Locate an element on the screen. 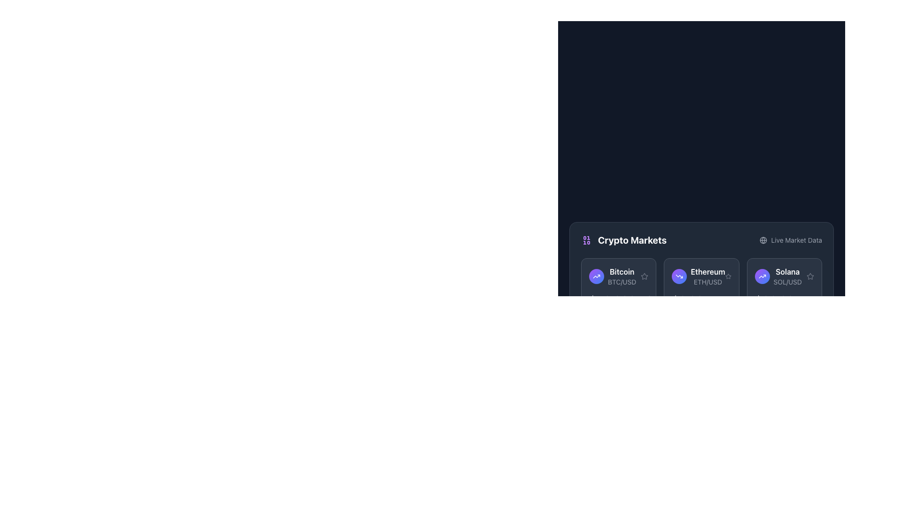 This screenshot has width=902, height=507. the informational text element that displays the trading pair code for Solana paired with USD, located under the 'Crypto Markets' section and specifically under the 'Solana' label is located at coordinates (787, 282).